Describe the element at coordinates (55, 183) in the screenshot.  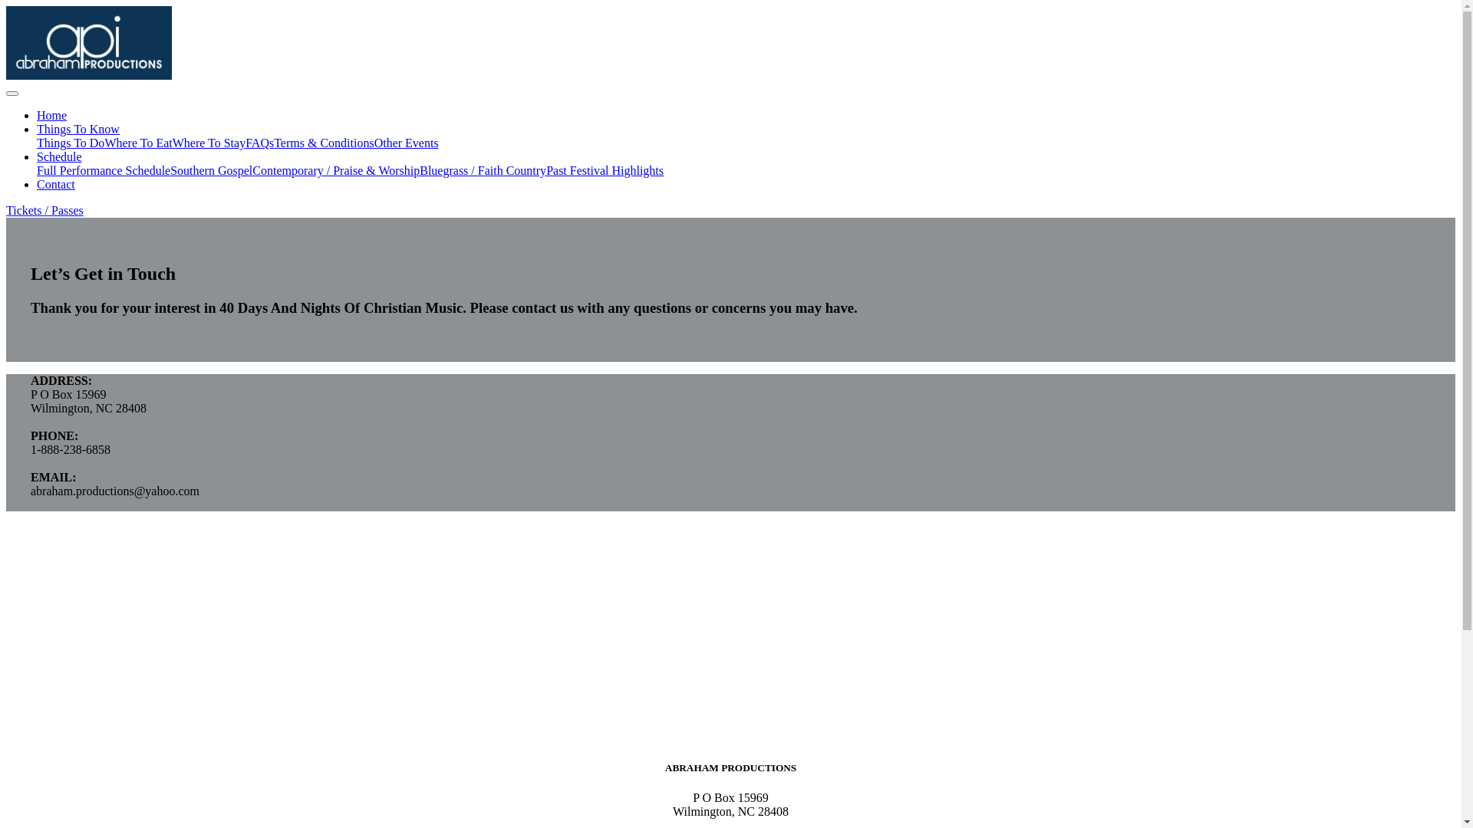
I see `'Contact'` at that location.